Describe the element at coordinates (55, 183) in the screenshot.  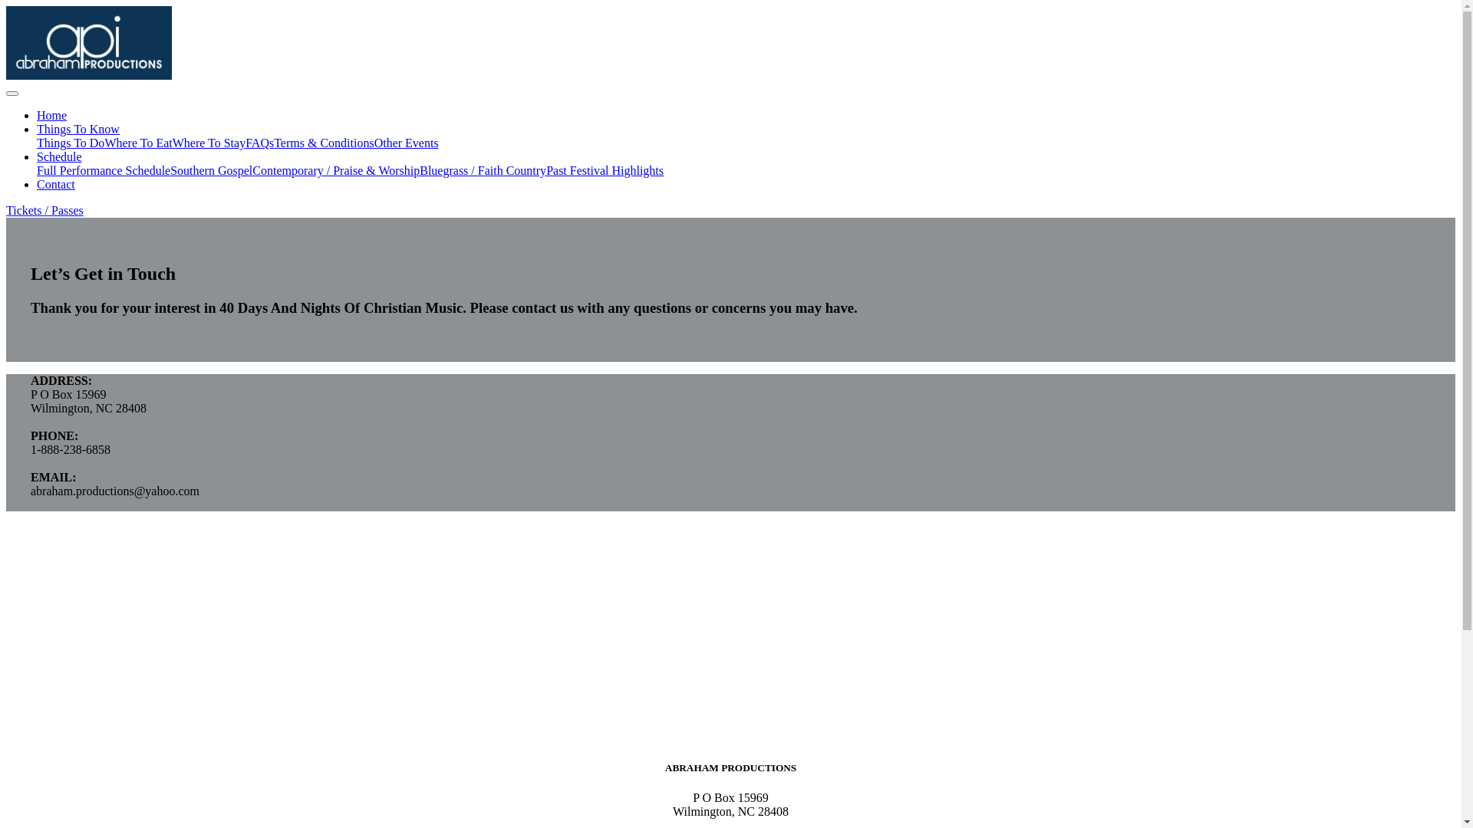
I see `'Contact'` at that location.